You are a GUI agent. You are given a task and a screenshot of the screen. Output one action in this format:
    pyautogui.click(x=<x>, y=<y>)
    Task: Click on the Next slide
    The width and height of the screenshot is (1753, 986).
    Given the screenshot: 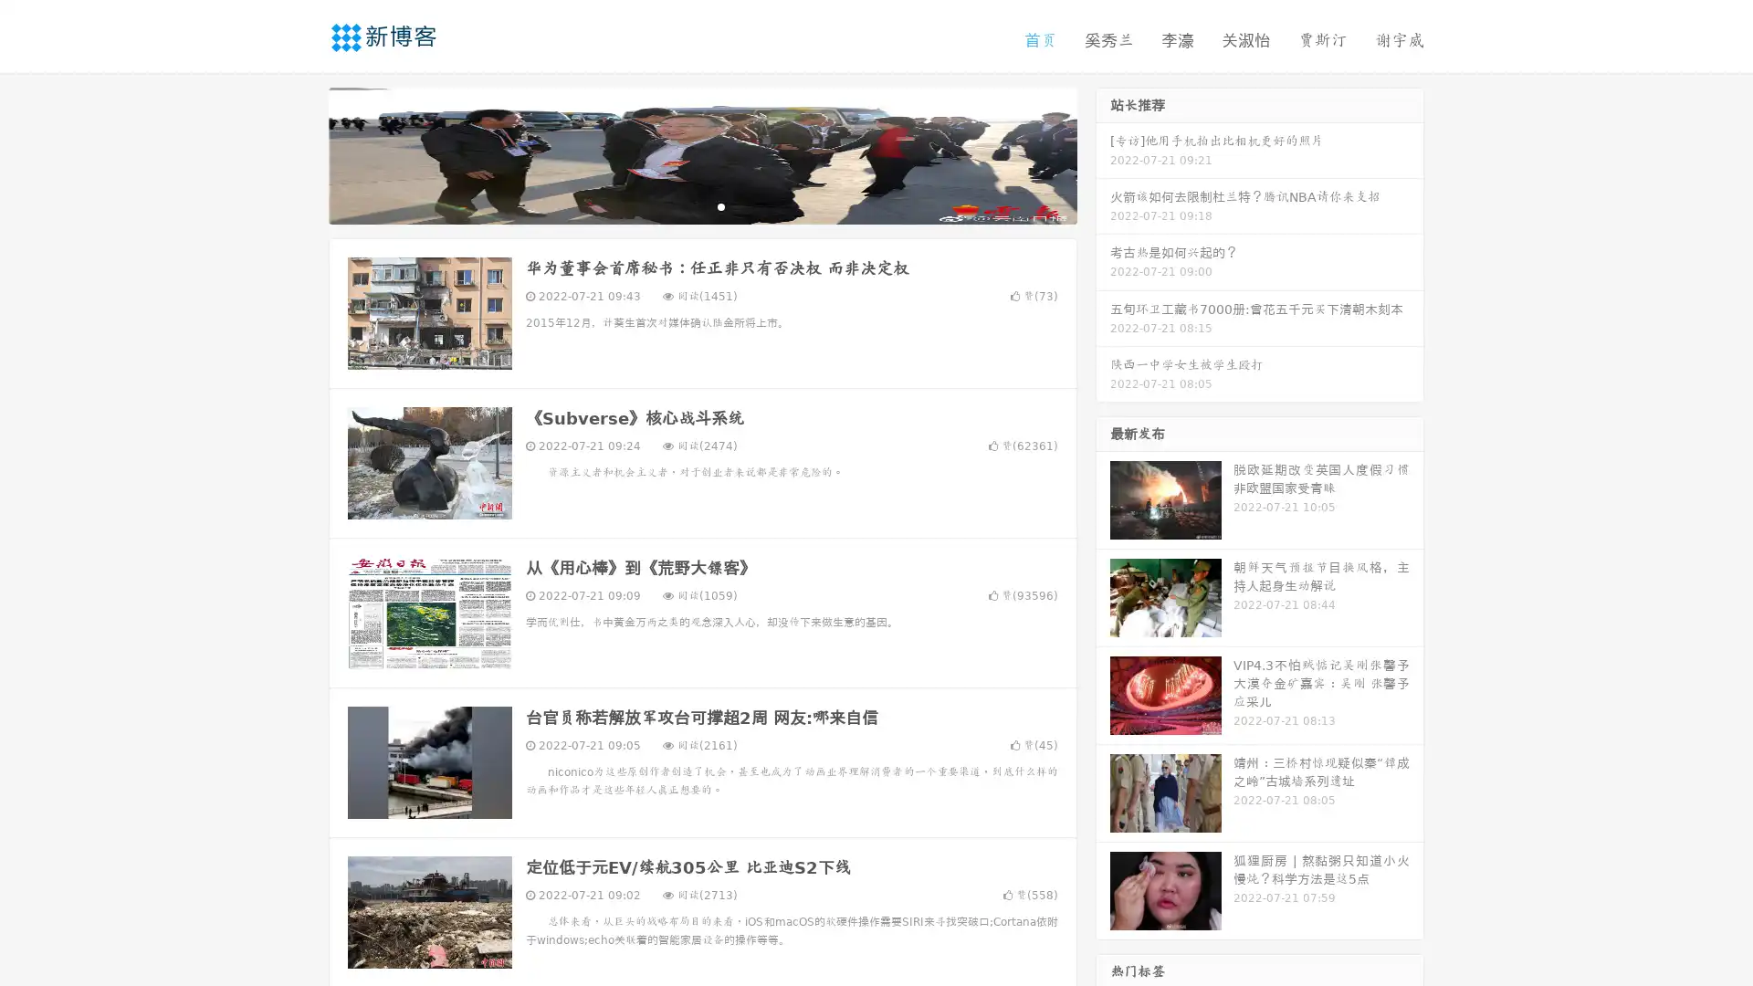 What is the action you would take?
    pyautogui.click(x=1103, y=153)
    